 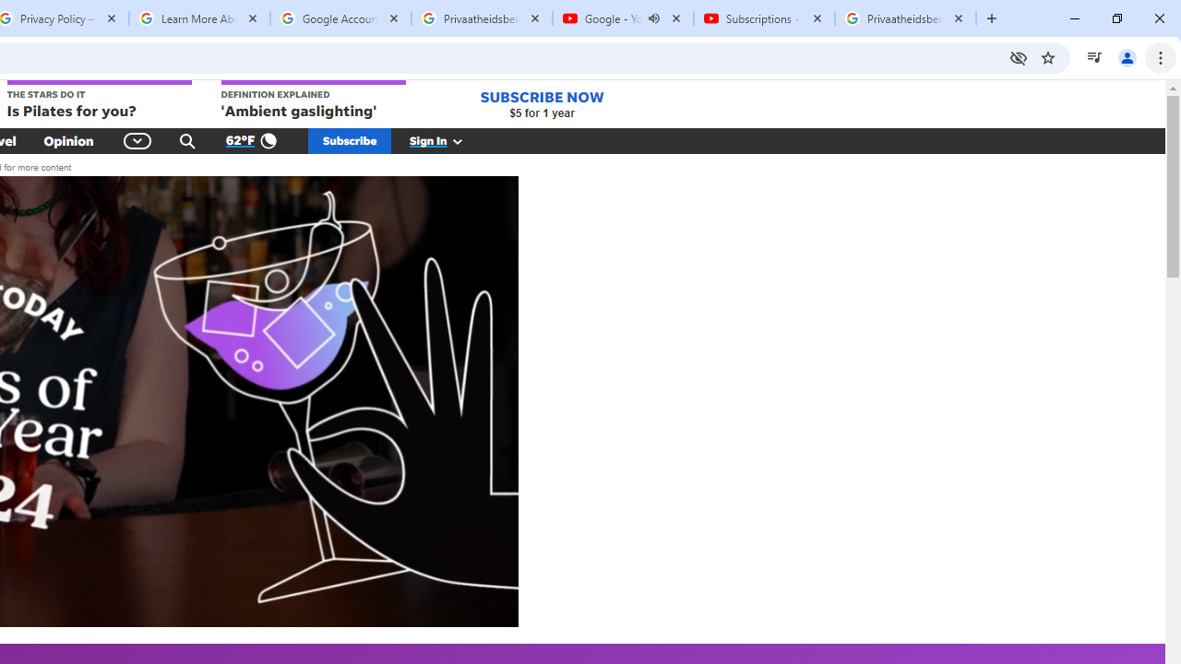 What do you see at coordinates (68, 140) in the screenshot?
I see `'Opinion'` at bounding box center [68, 140].